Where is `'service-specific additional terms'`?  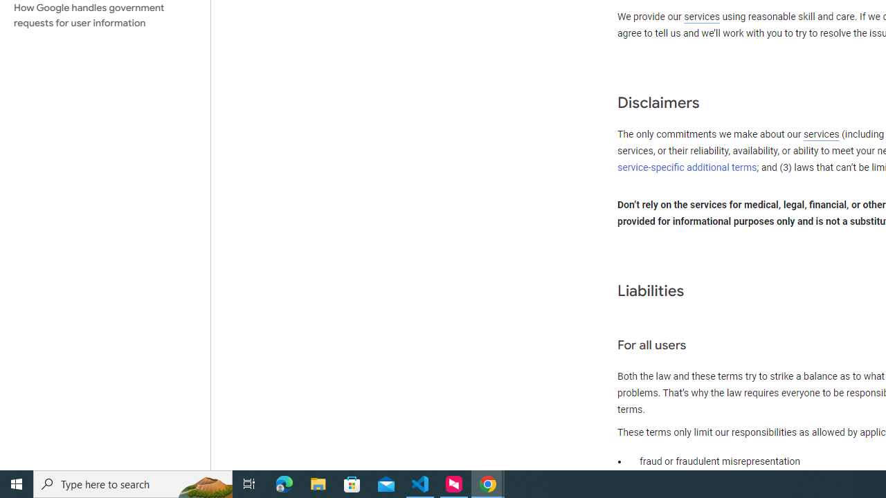
'service-specific additional terms' is located at coordinates (687, 167).